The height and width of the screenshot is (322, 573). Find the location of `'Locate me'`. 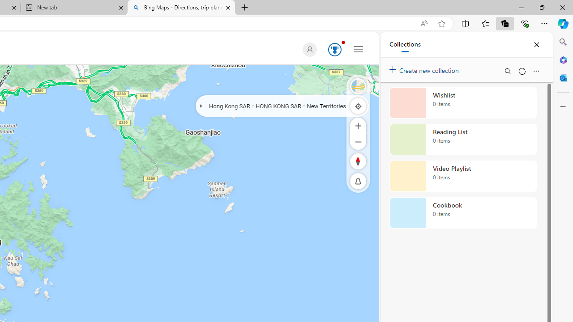

'Locate me' is located at coordinates (358, 105).